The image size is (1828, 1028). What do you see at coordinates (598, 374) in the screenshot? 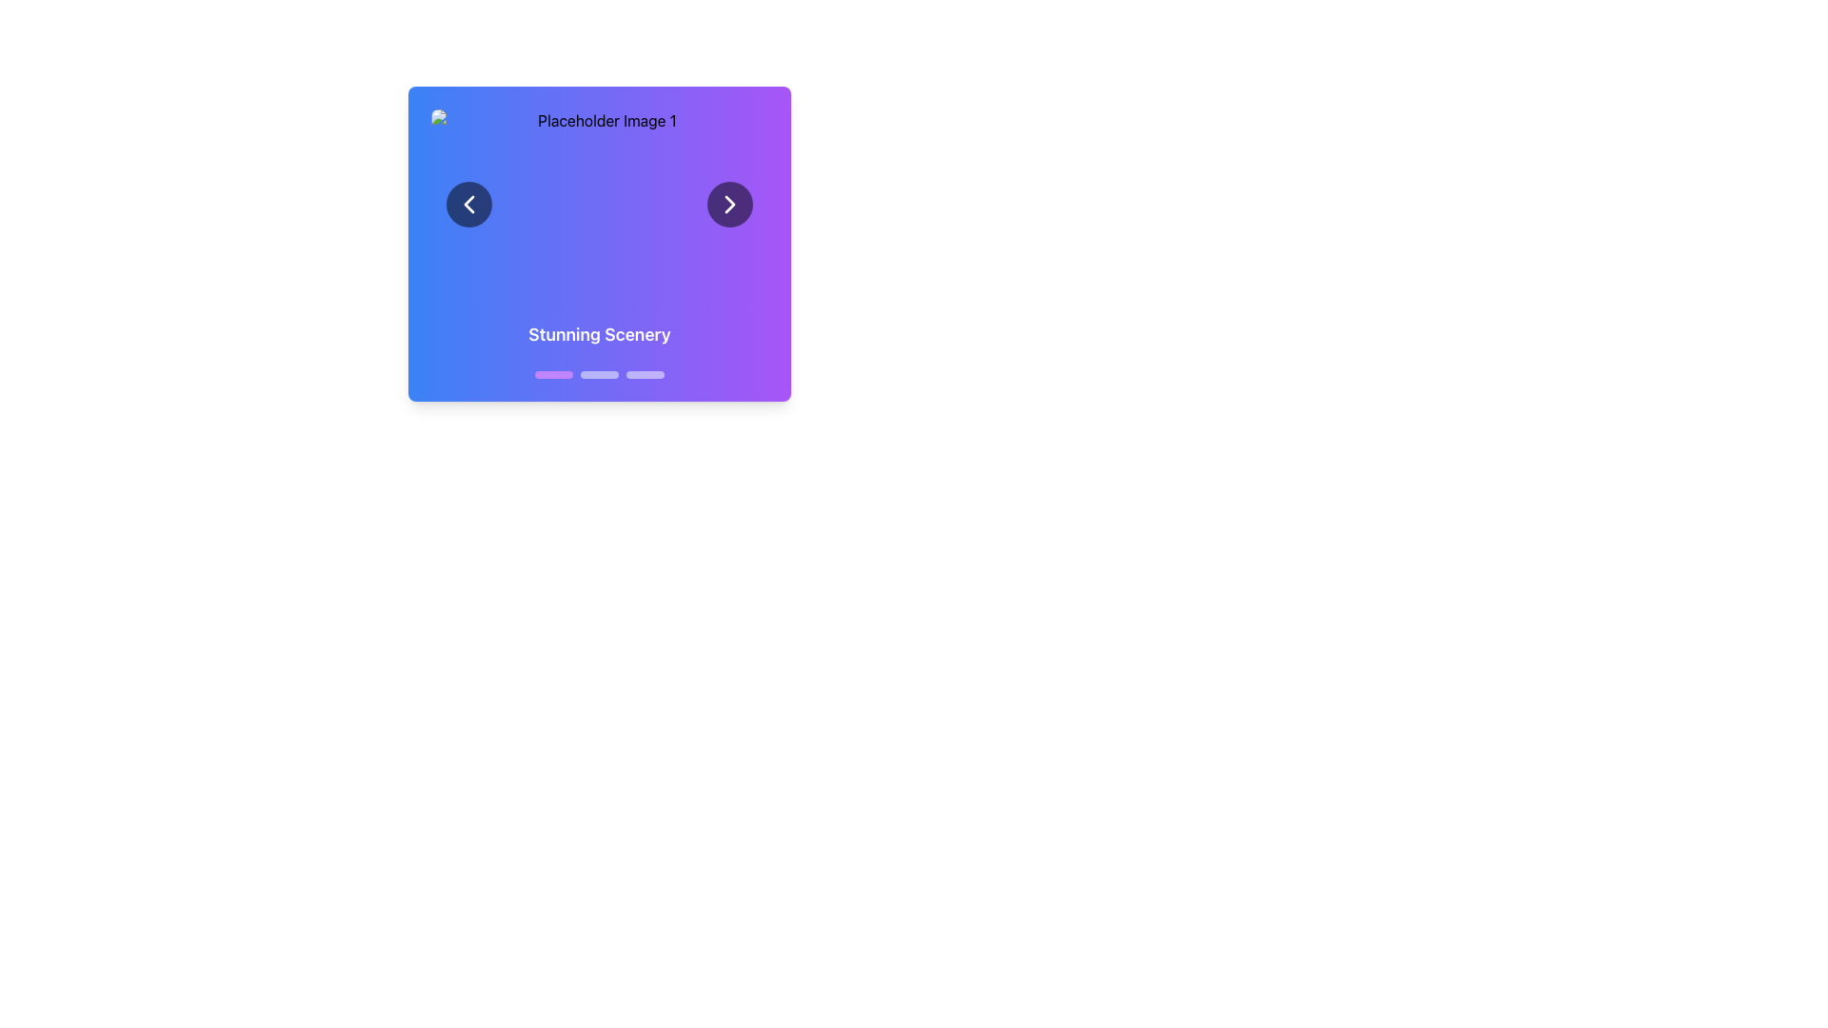
I see `the second oval pagination indicator located below the text 'Stunning Scenery'` at bounding box center [598, 374].